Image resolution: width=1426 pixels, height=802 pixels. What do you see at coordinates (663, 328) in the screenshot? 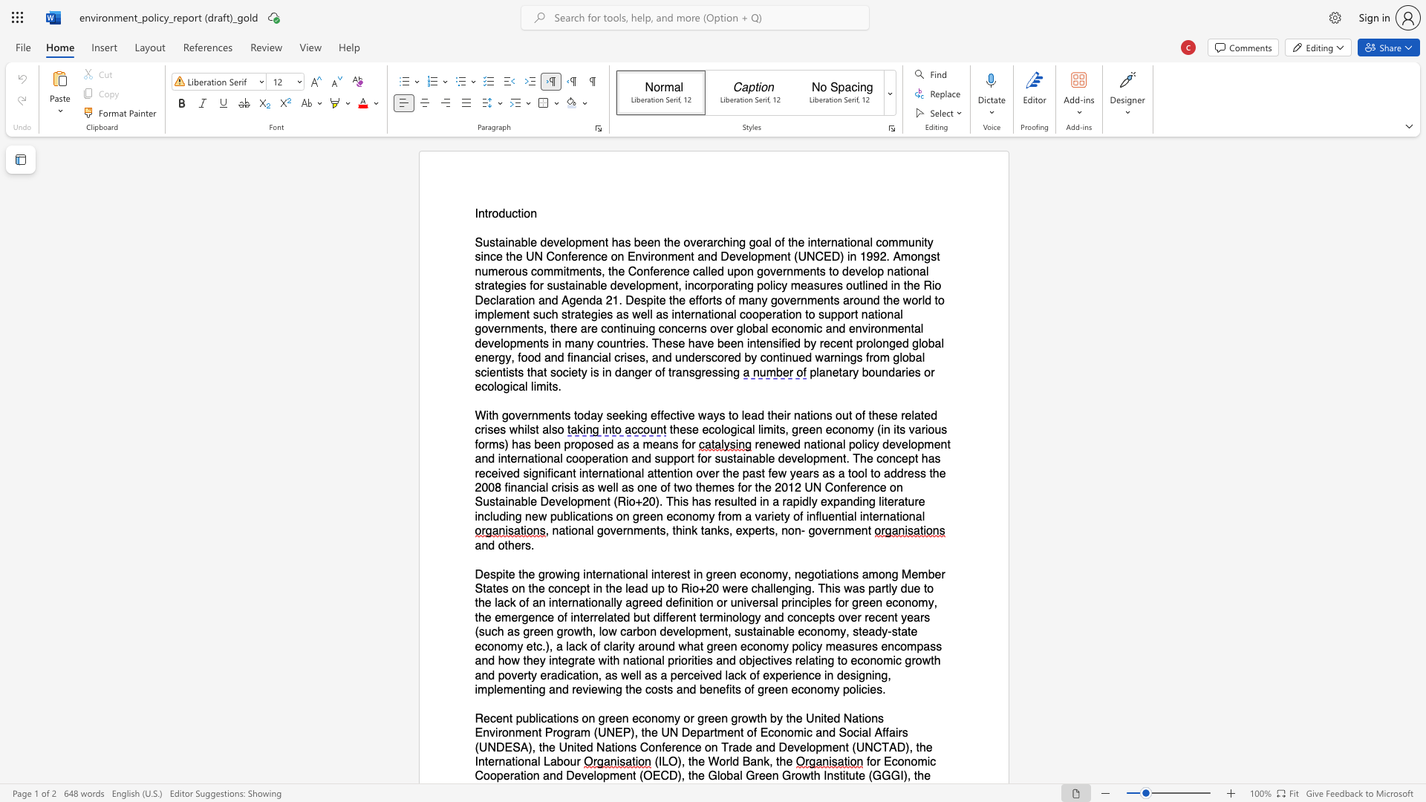
I see `the subset text "oncerns over global economic and environmental developments in many countries. Th" within the text "commitments, the Conference called upon governments to develop national strategies for sustainable development, incorporating policy measures outlined in the Rio Declaration and Agenda 21. Despite the efforts of many governments around the world to implement such strategies as well as international cooperation to support national governments, there are continuing concerns over global economic and environmental developments in many countries. These have been intensified by recent prolonged global energy,"` at bounding box center [663, 328].